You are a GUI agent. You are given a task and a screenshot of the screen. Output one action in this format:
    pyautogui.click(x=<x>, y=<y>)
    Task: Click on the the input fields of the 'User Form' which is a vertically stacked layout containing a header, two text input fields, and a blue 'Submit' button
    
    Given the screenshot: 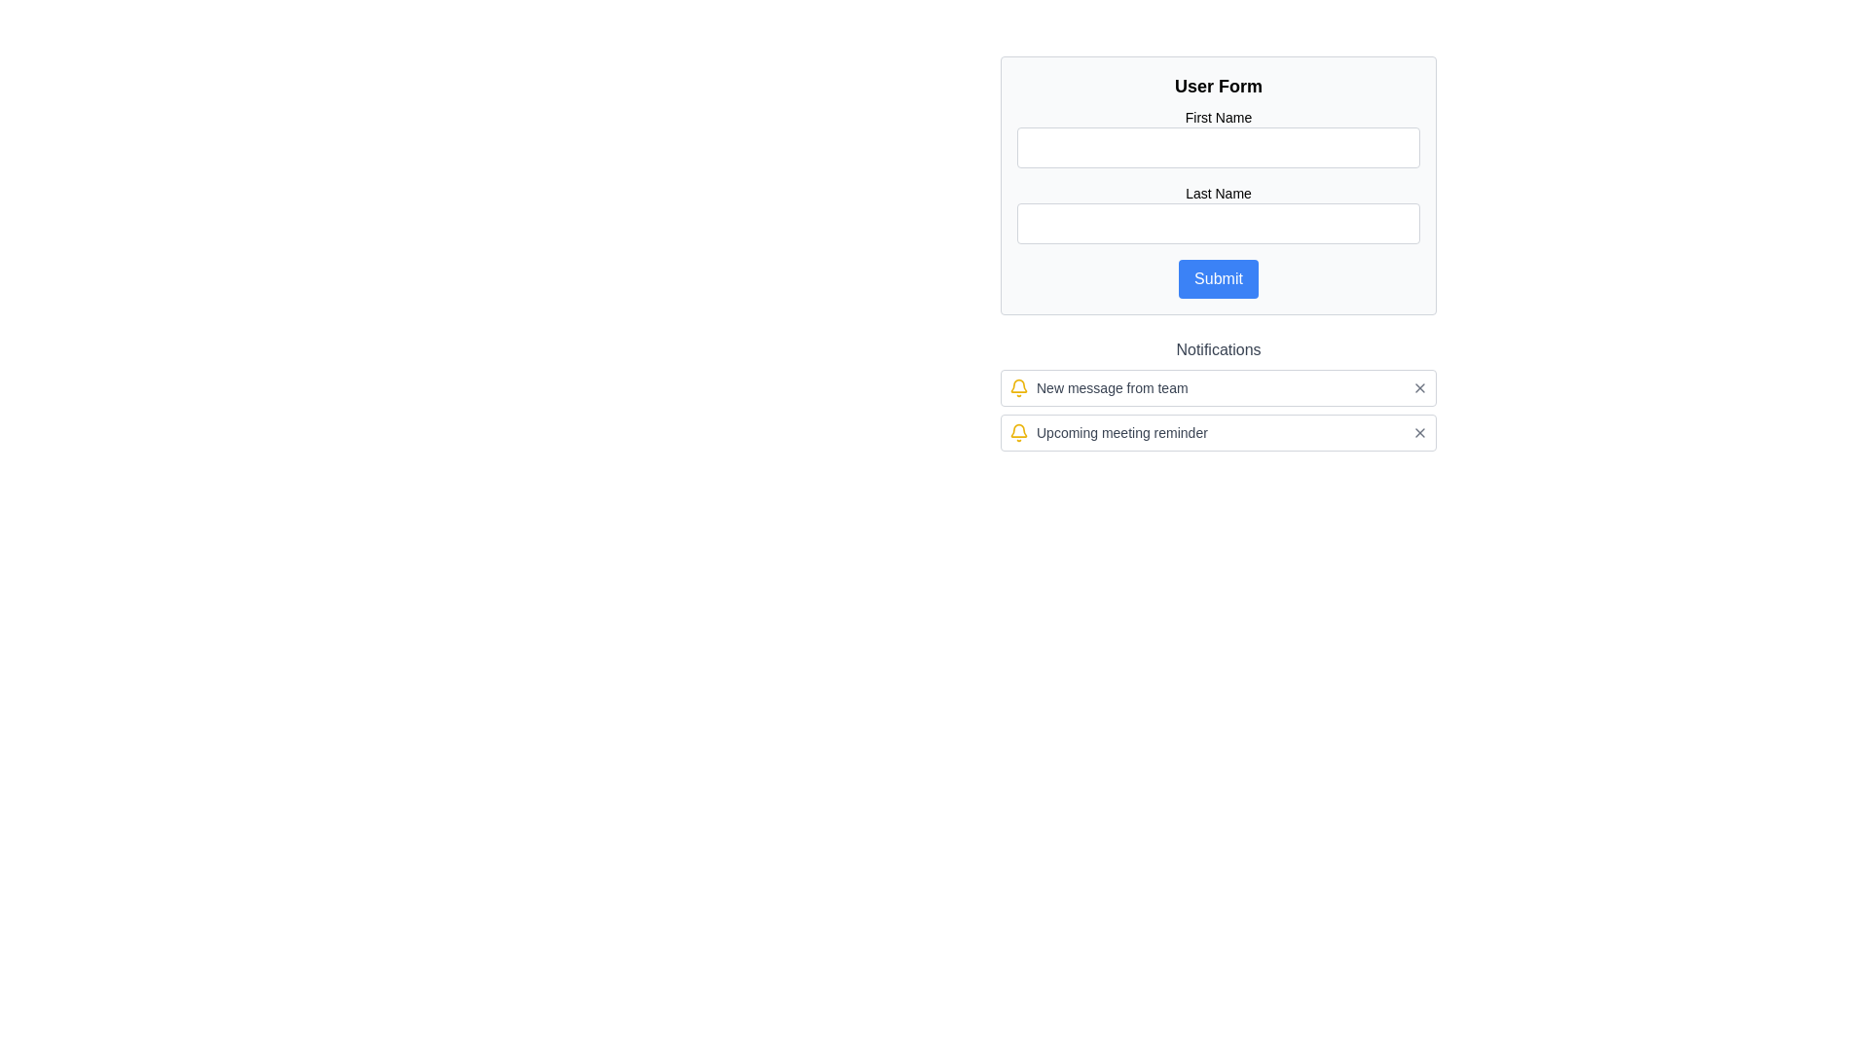 What is the action you would take?
    pyautogui.click(x=1218, y=186)
    